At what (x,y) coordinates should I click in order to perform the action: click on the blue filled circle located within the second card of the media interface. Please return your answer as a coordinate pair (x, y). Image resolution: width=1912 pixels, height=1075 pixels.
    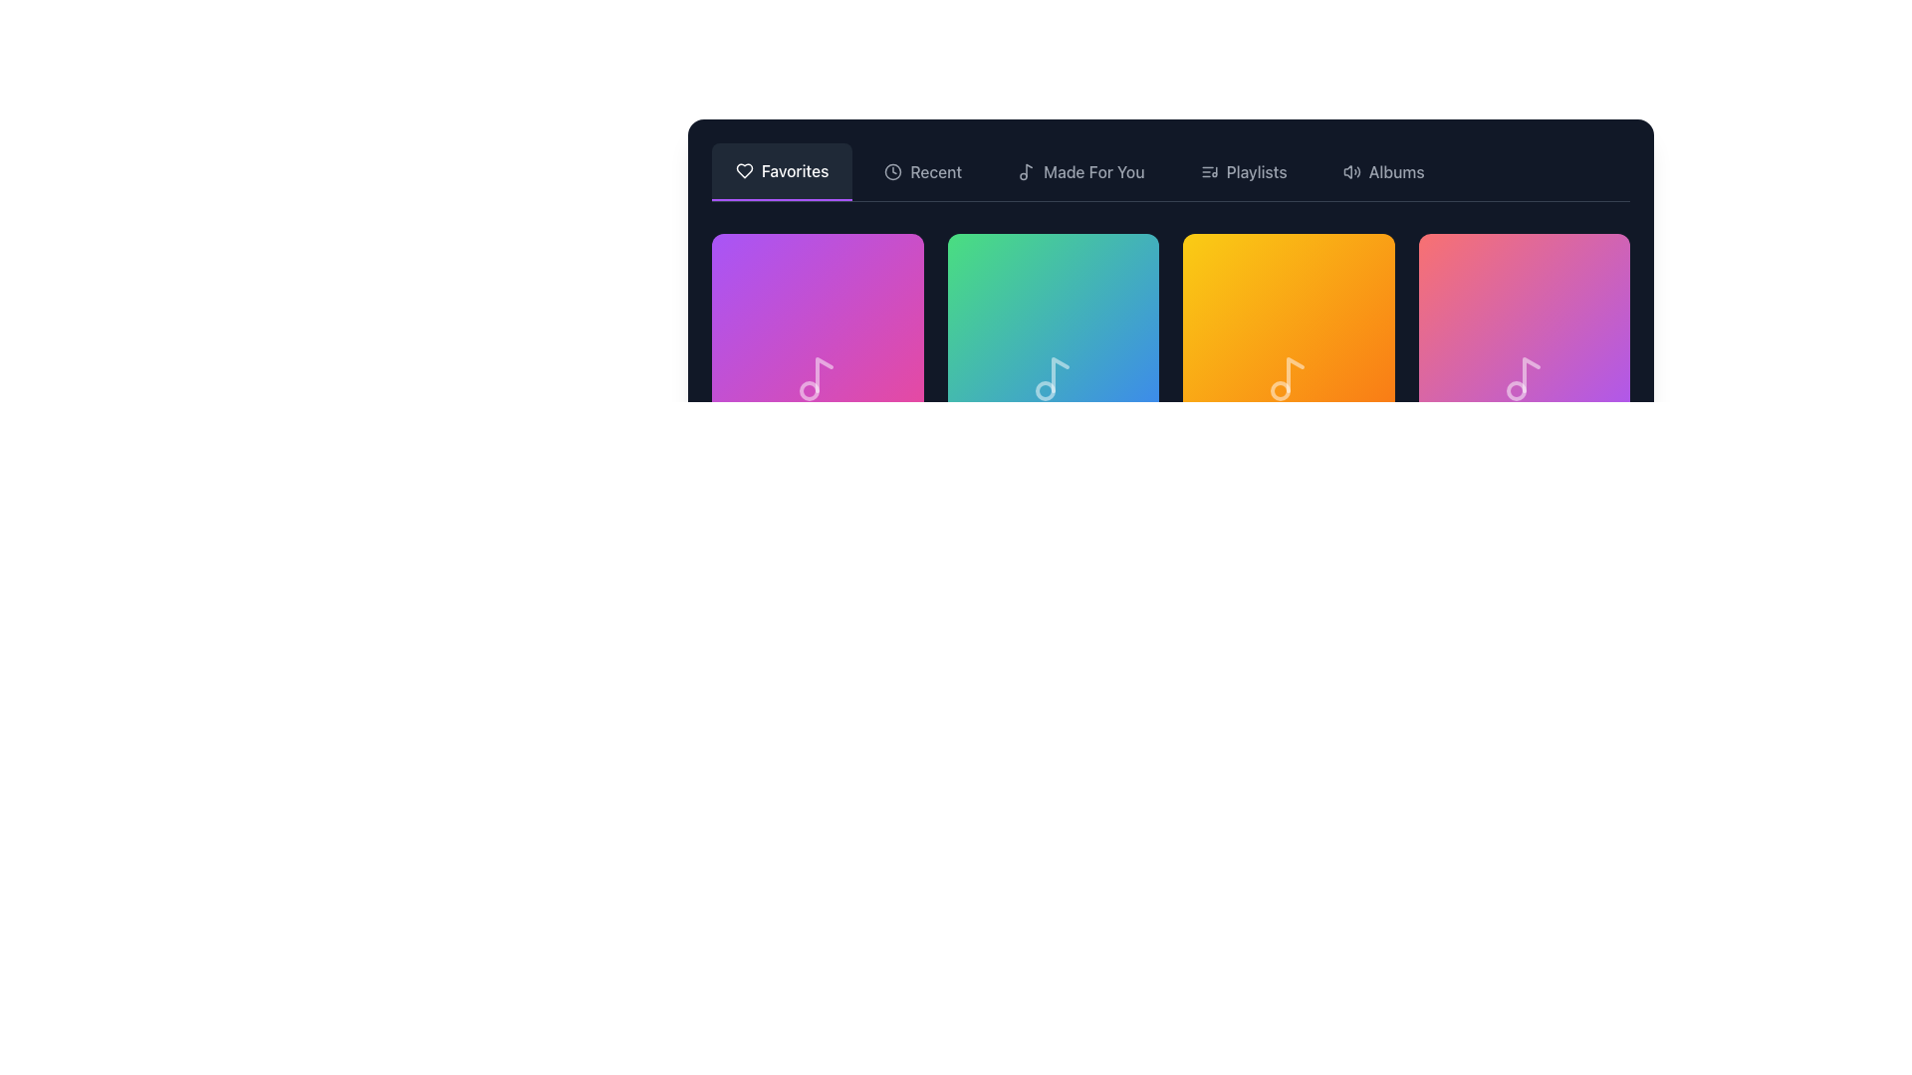
    Looking at the image, I should click on (1121, 383).